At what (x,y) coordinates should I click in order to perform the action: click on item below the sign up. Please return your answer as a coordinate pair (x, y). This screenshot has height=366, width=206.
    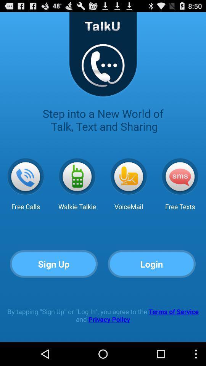
    Looking at the image, I should click on (103, 315).